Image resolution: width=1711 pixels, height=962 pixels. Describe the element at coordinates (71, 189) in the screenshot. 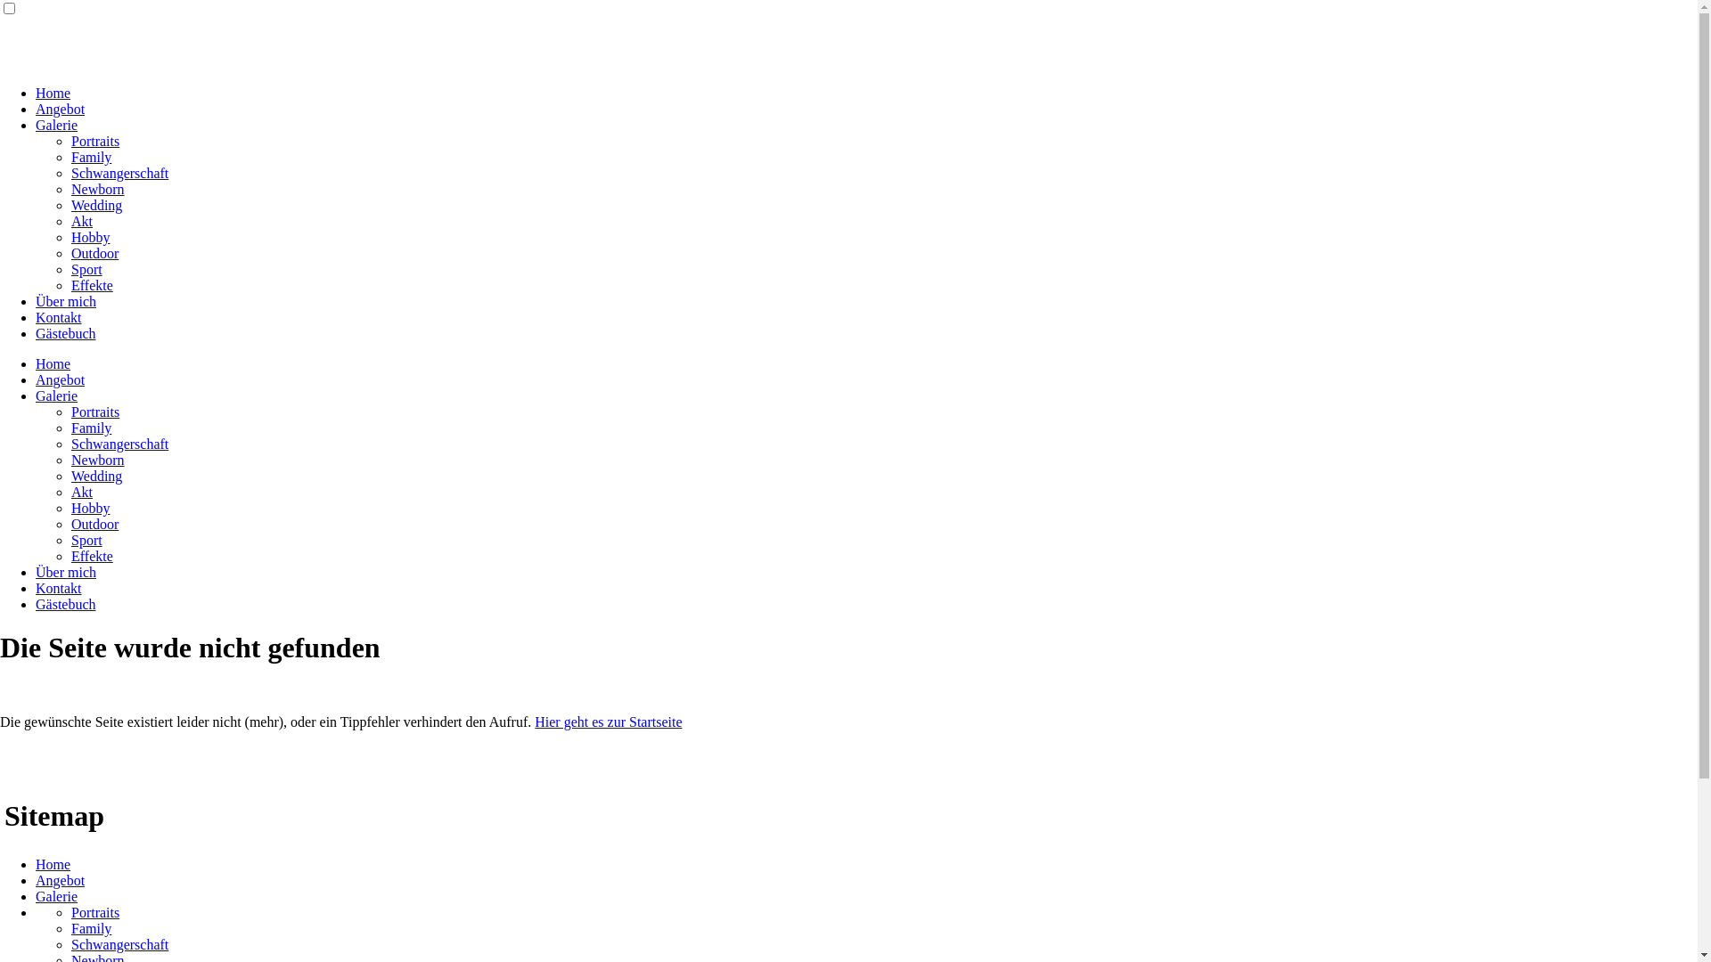

I see `'Newborn'` at that location.